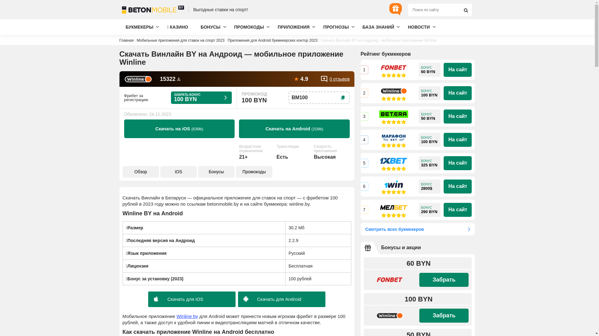 The image size is (599, 336). What do you see at coordinates (301, 79) in the screenshot?
I see `'4.9'` at bounding box center [301, 79].